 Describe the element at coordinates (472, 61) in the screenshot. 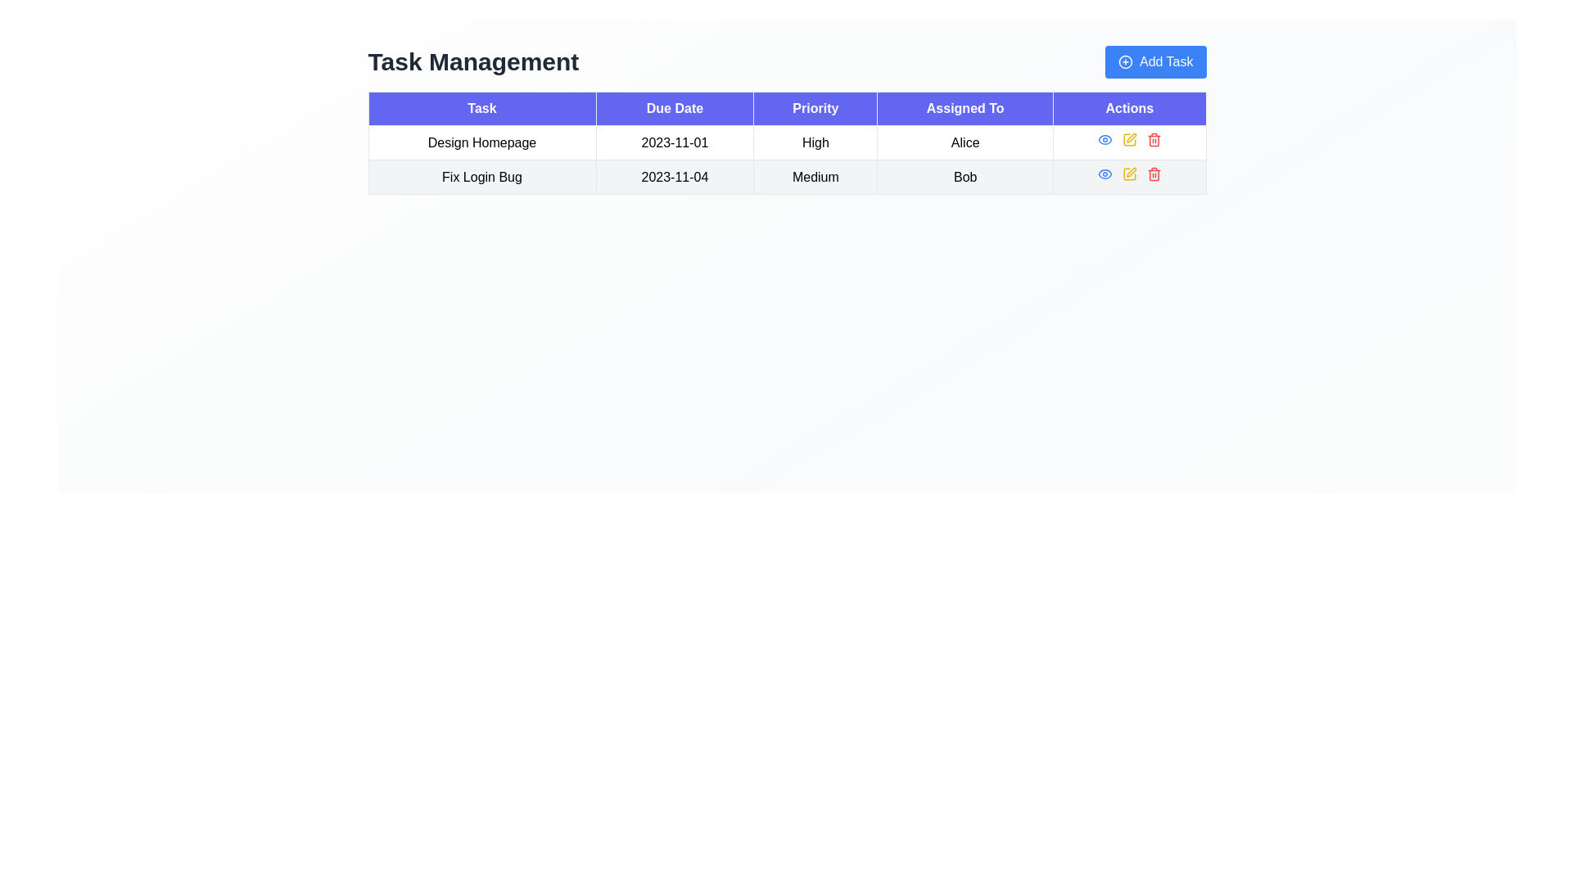

I see `the header text reading 'Task Management', which is styled in a large bold font and positioned at the top-left of the page` at that location.